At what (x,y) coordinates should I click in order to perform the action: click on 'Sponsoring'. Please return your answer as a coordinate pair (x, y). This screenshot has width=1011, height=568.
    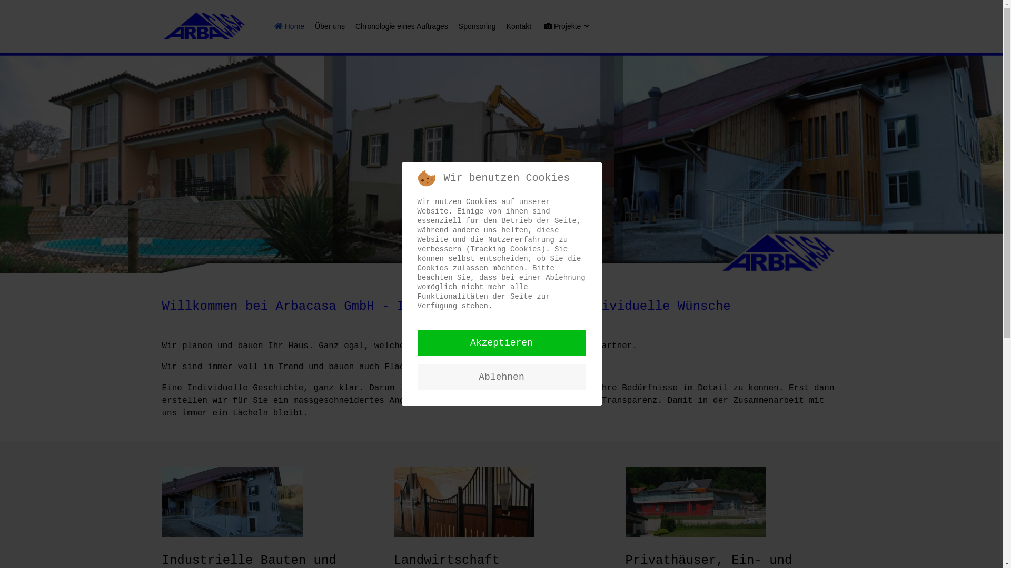
    Looking at the image, I should click on (453, 26).